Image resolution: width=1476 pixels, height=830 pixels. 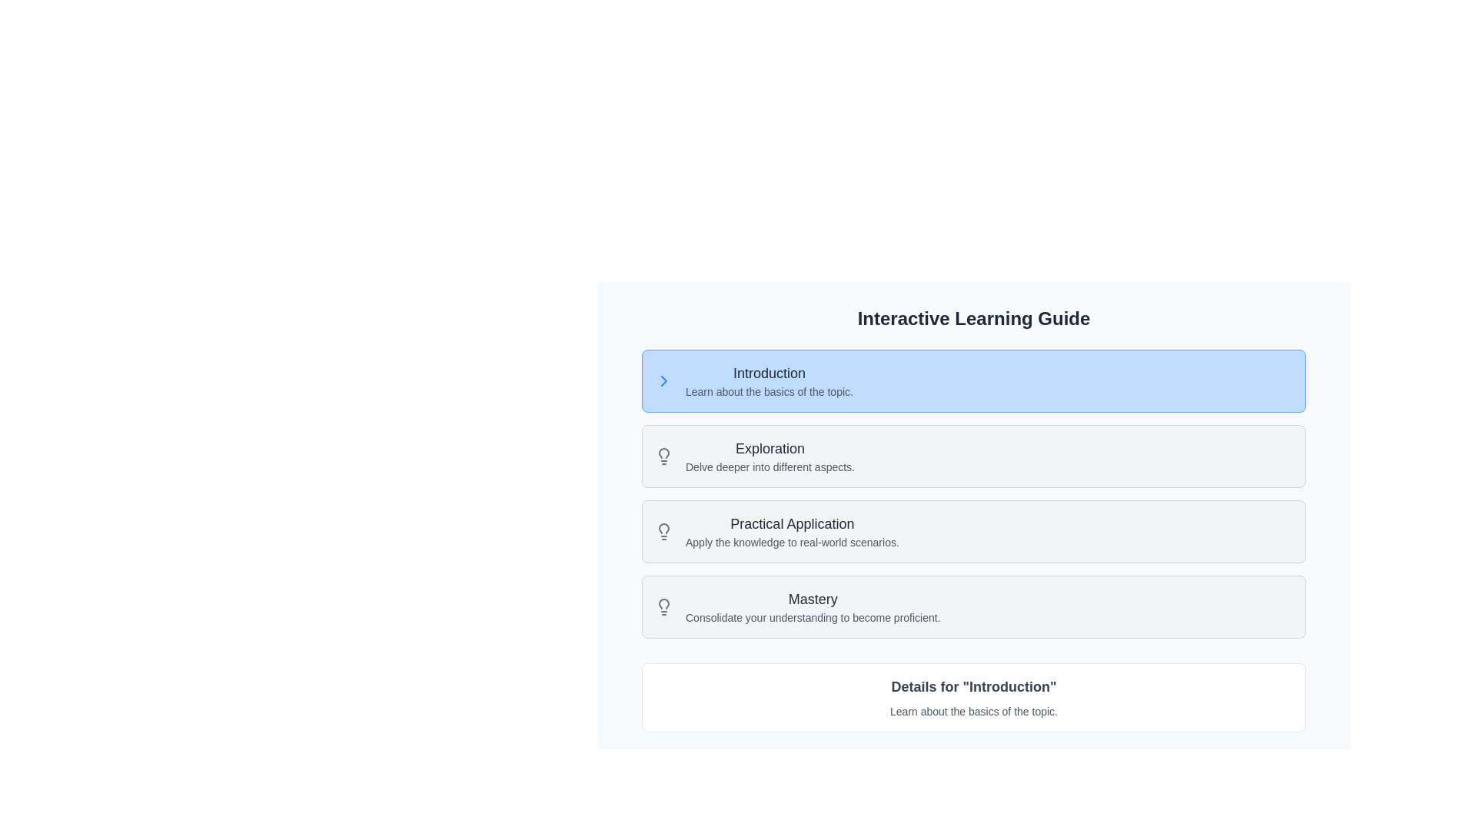 I want to click on the second item in the Interactive List Item, so click(x=973, y=494).